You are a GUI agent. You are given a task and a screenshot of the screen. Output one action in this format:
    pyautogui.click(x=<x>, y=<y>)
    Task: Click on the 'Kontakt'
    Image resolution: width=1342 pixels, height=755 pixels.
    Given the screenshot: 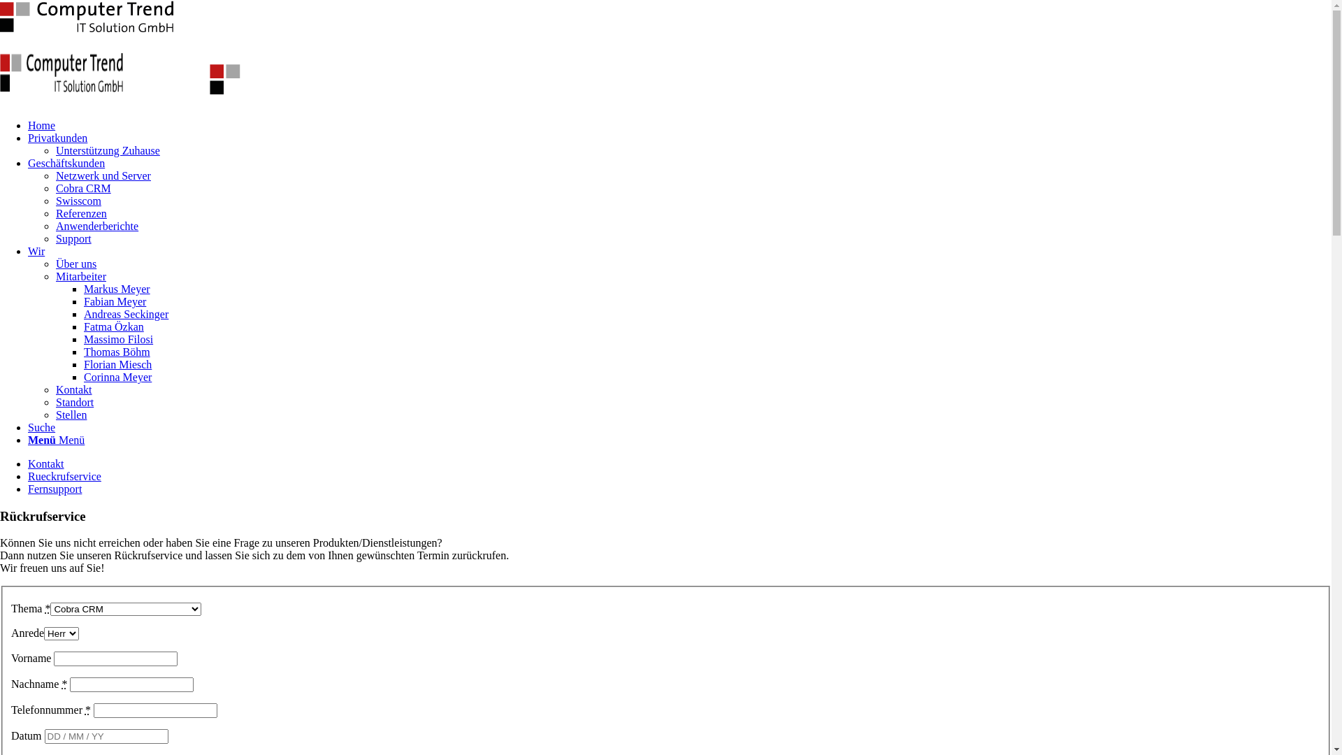 What is the action you would take?
    pyautogui.click(x=46, y=463)
    